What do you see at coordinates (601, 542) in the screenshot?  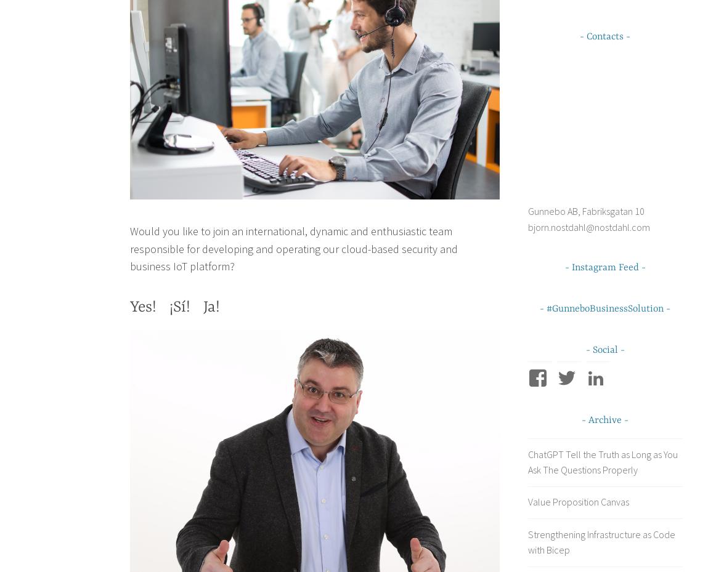 I see `'Strengthening Infrastructure as Code with Bicep'` at bounding box center [601, 542].